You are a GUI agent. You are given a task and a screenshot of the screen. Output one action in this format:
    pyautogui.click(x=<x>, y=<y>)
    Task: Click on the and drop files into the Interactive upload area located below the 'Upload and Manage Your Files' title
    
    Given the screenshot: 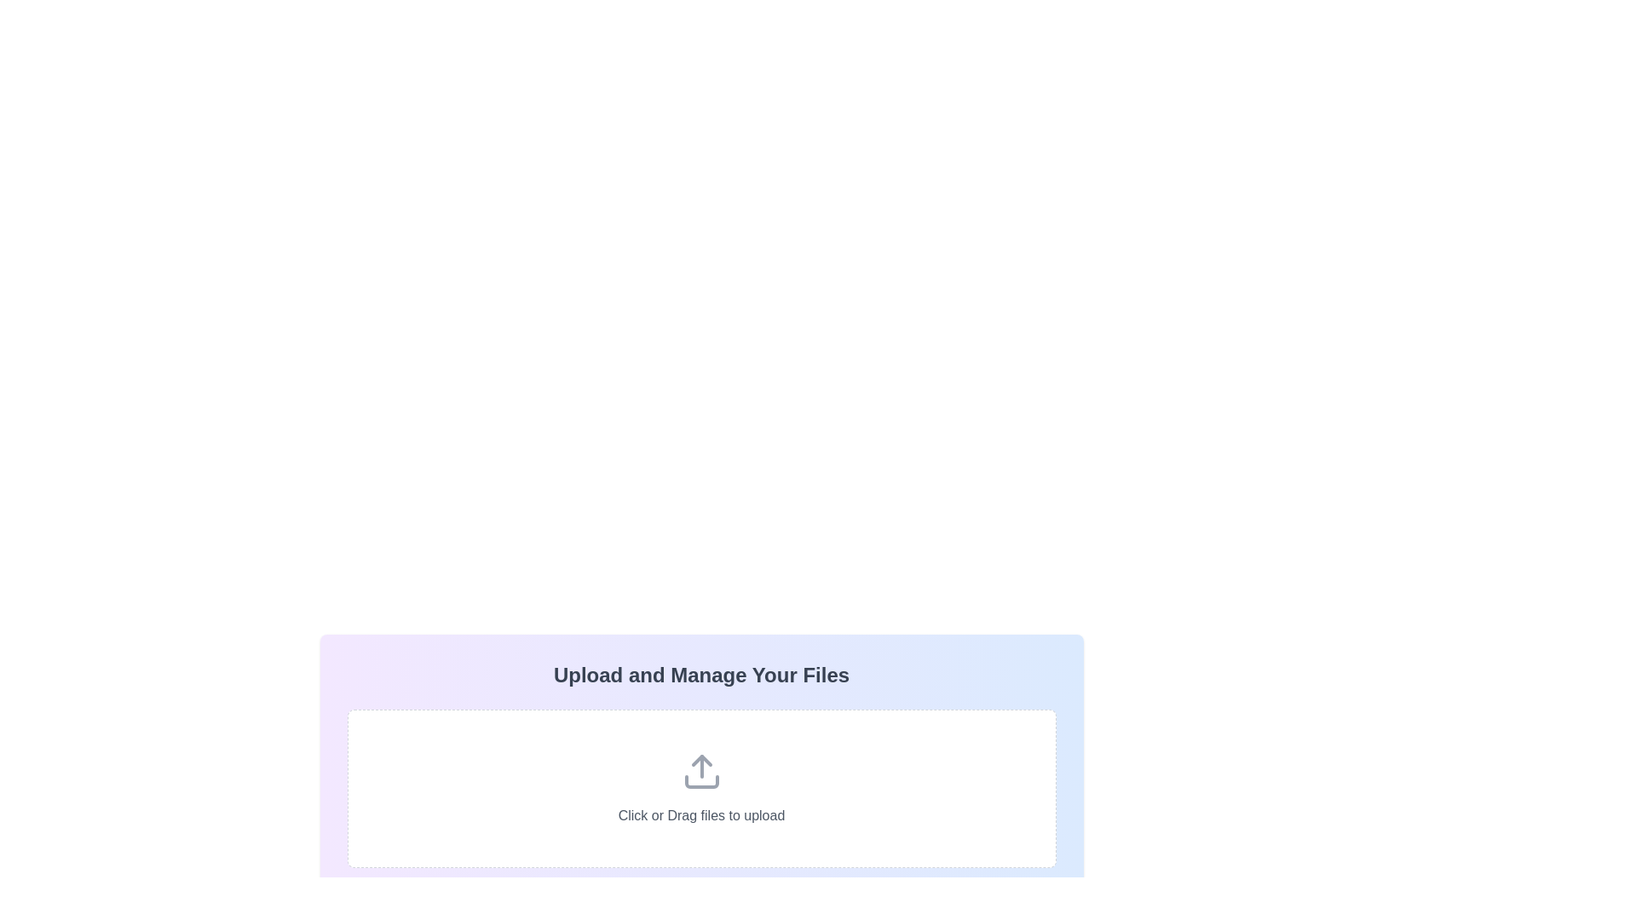 What is the action you would take?
    pyautogui.click(x=701, y=788)
    